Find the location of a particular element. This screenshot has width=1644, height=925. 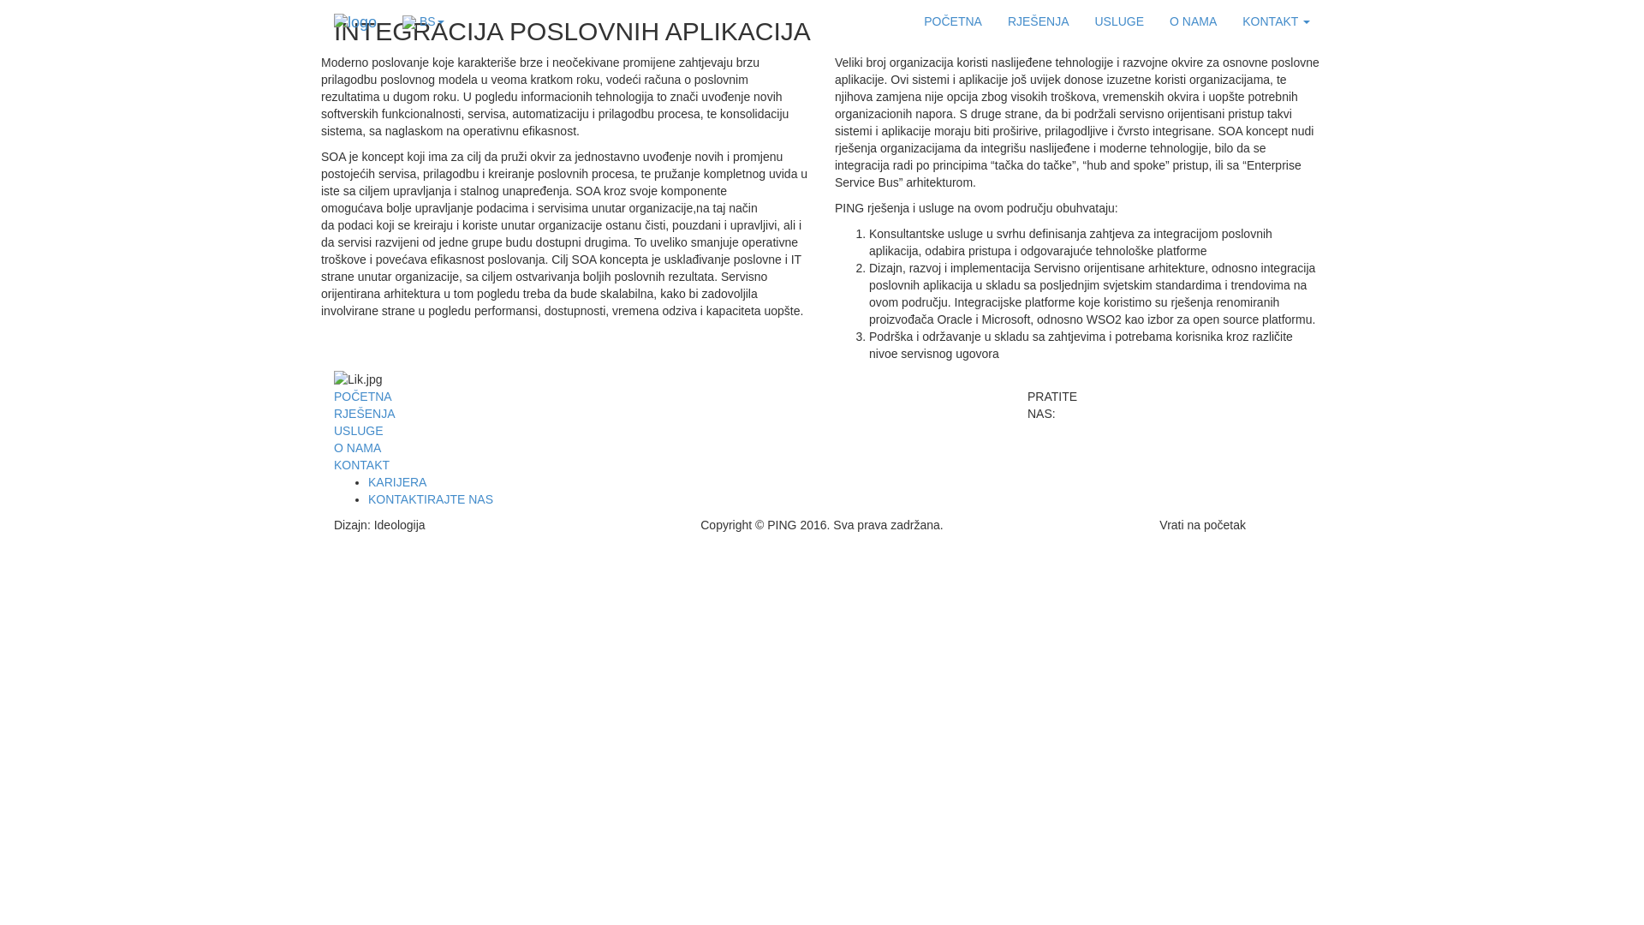

'KONTAKTIRAJTE NAS' is located at coordinates (431, 498).